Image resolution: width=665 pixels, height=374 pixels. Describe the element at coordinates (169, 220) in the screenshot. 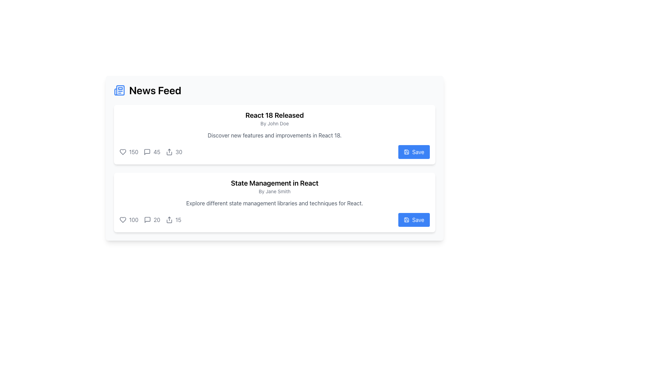

I see `the 'share' icon represented by an upwards arrow next to the text '15' in the second post card` at that location.